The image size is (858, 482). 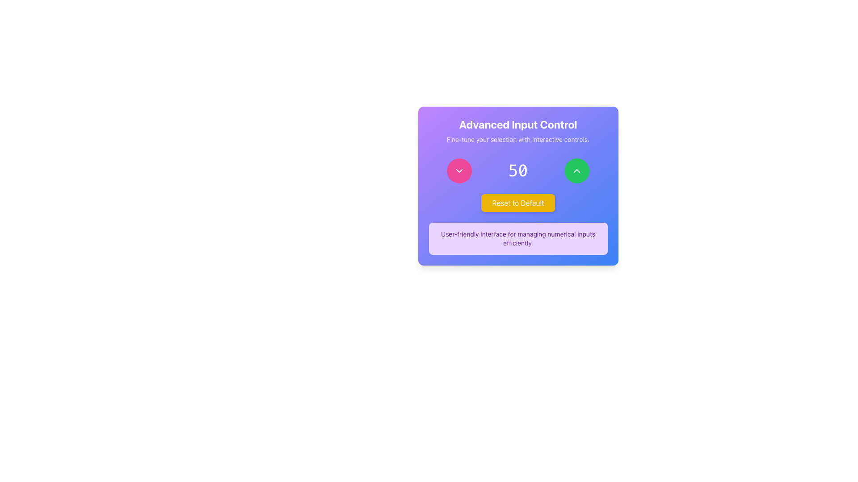 I want to click on the Text Display that shows the current numeric value of an adjustable parameter, located in the upper-middle area of the card between two interactive buttons, so click(x=518, y=170).